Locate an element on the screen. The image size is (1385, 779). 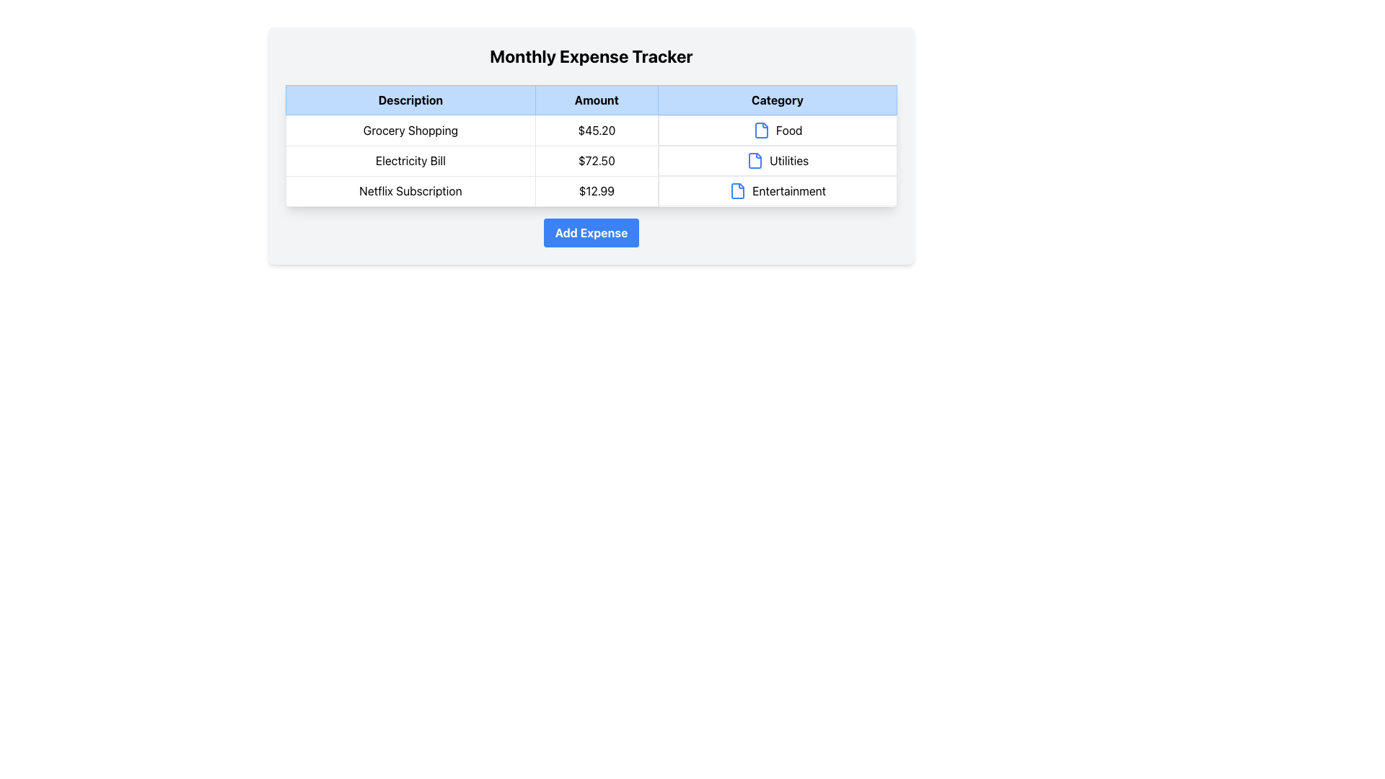
the icon representing the 'Entertainment' category for the 'Netflix Subscription' listing located in the third row of the 'Category' column is located at coordinates (738, 190).